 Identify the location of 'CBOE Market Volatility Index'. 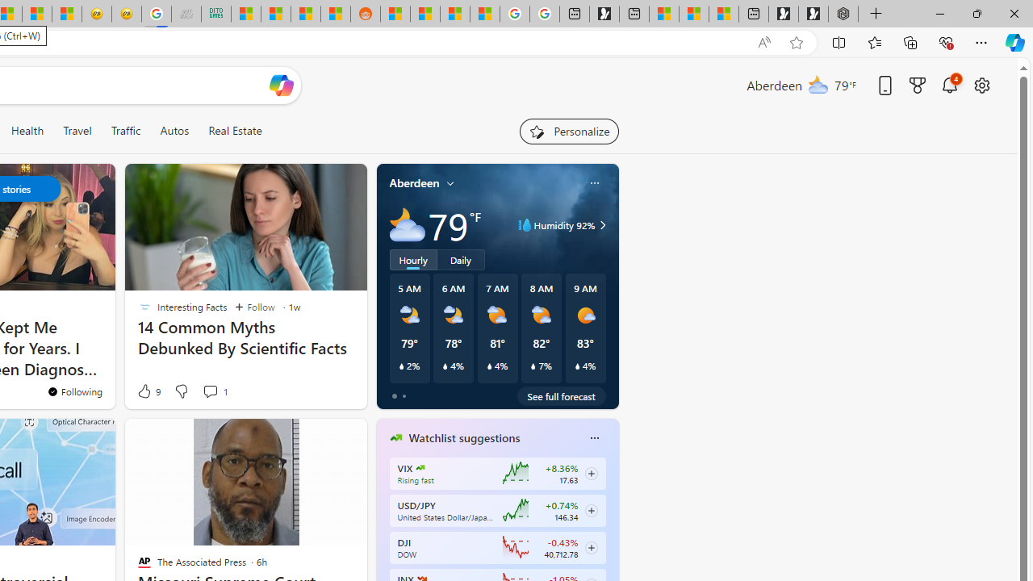
(420, 467).